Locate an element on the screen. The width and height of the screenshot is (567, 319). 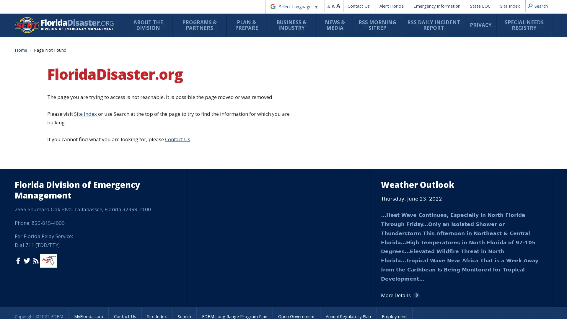
Toggle More is located at coordinates (296, 256).